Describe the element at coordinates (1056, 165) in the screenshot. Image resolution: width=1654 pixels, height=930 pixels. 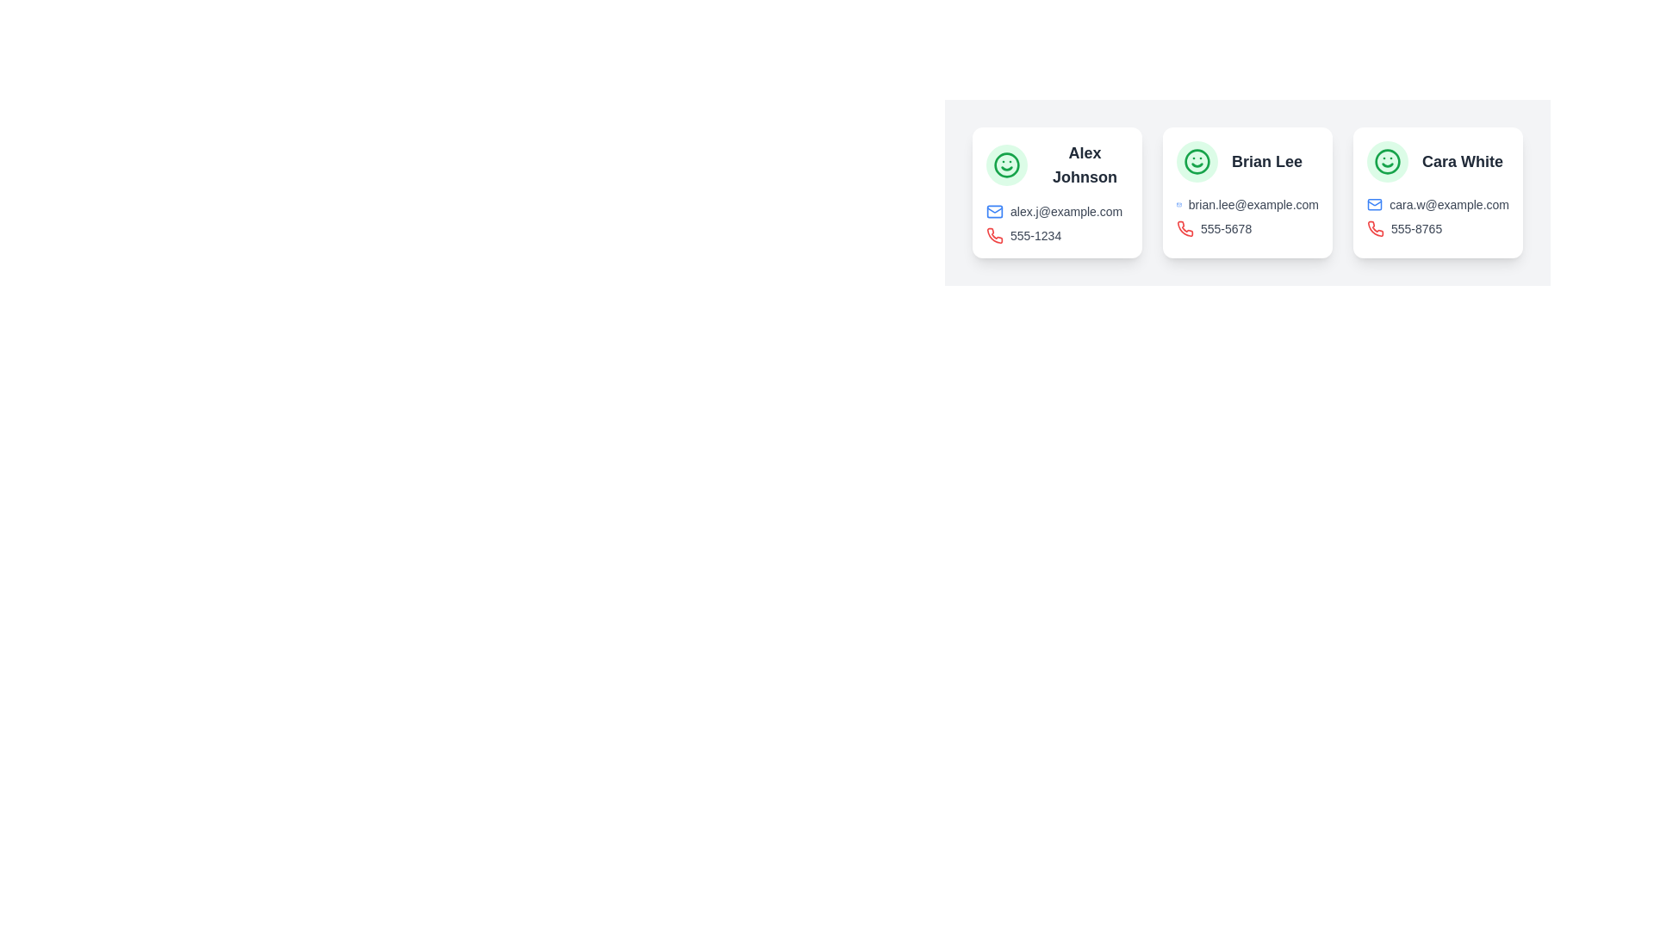
I see `displayed text of the Text label located at the top right of the leftmost user card, adjacent to a green smiley face icon` at that location.